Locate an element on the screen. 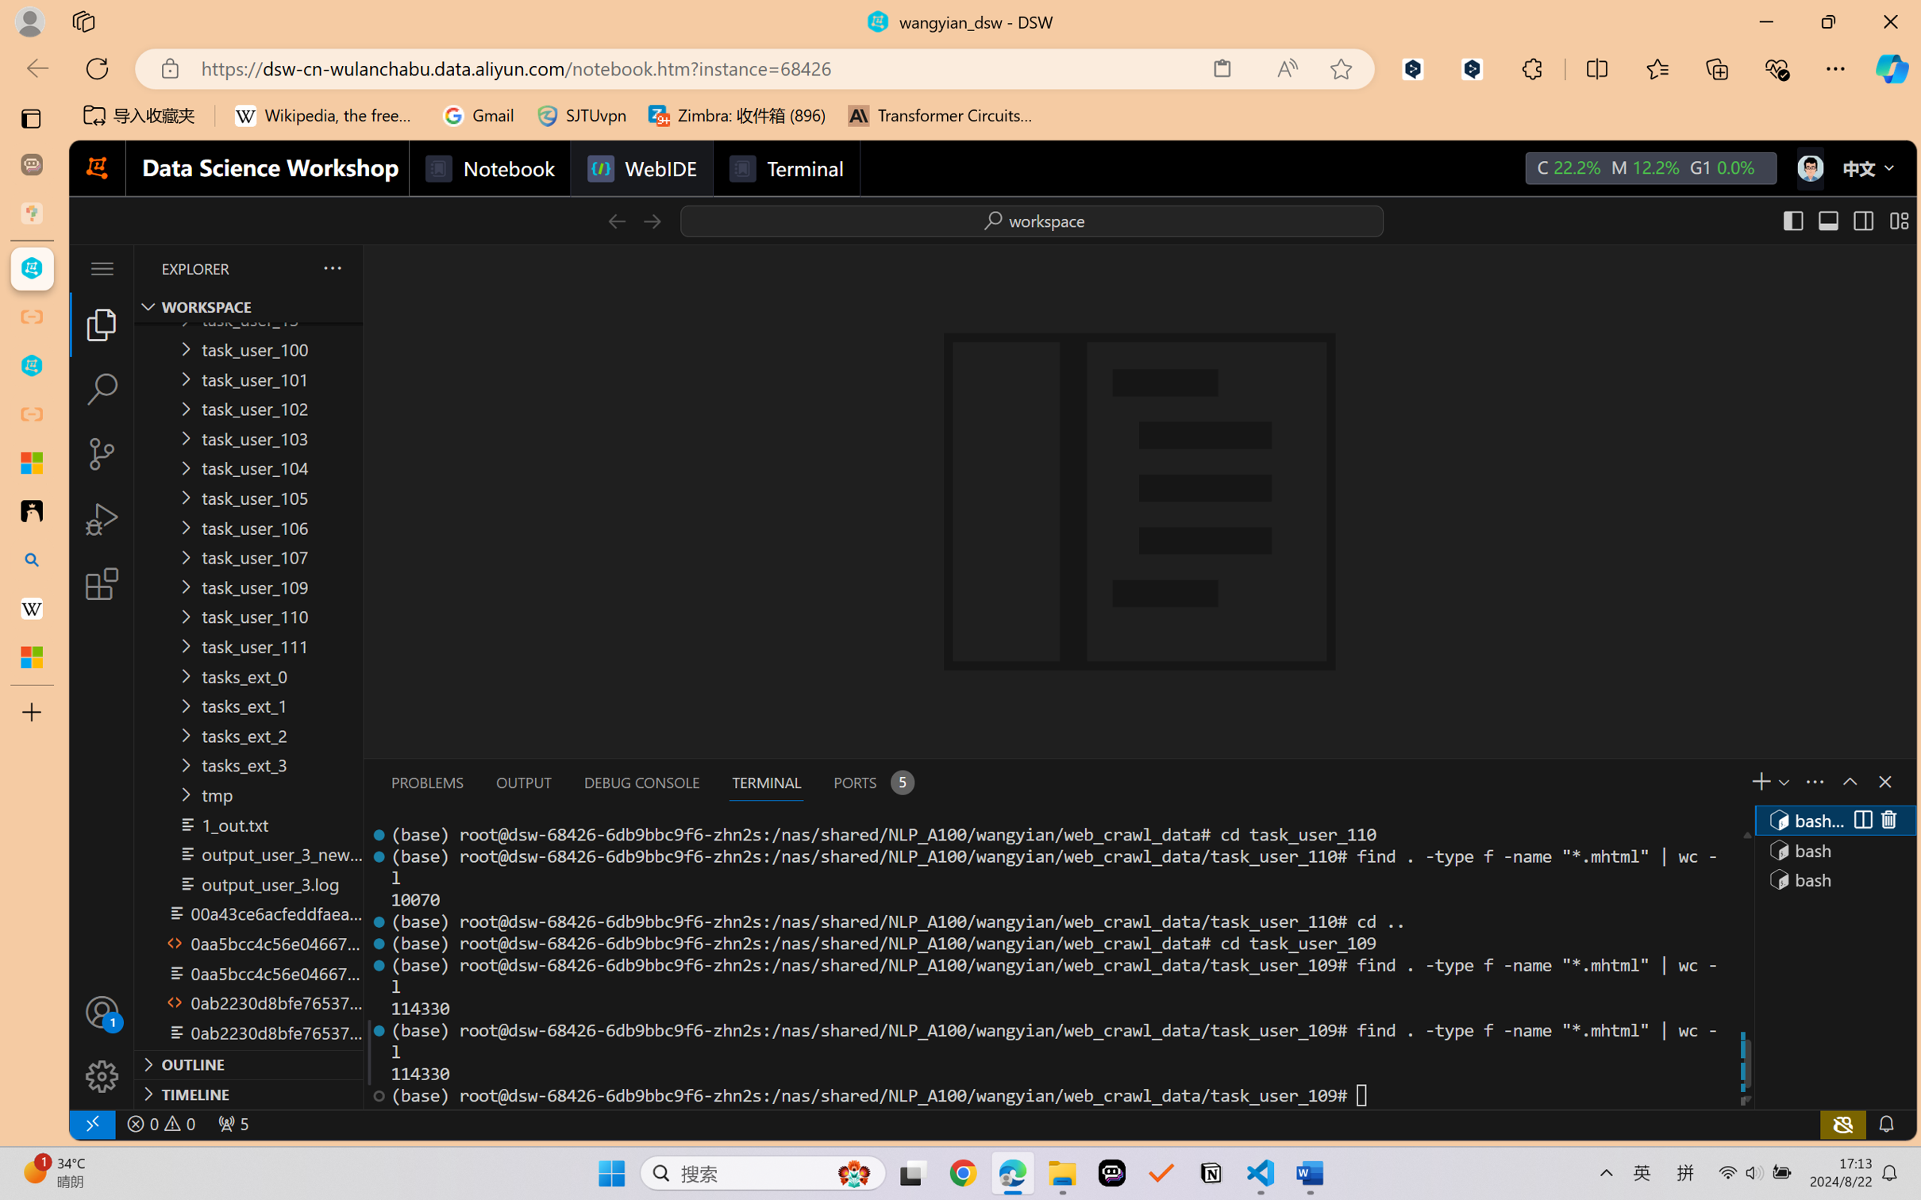 The image size is (1921, 1200). 'Run and Debug (Ctrl+Shift+D)' is located at coordinates (101, 518).